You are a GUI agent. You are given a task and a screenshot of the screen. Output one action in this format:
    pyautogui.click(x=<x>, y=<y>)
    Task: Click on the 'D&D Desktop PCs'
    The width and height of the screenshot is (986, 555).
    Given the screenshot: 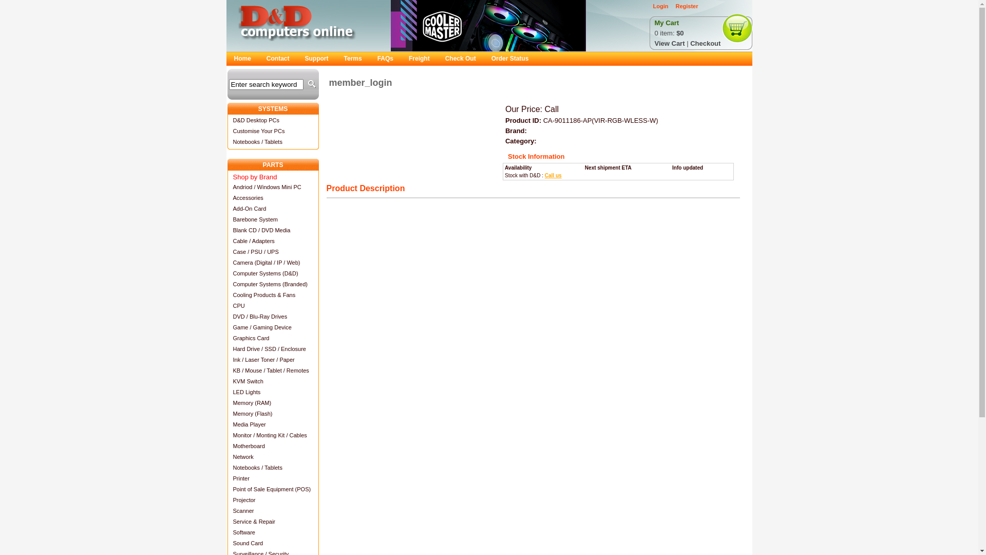 What is the action you would take?
    pyautogui.click(x=273, y=119)
    